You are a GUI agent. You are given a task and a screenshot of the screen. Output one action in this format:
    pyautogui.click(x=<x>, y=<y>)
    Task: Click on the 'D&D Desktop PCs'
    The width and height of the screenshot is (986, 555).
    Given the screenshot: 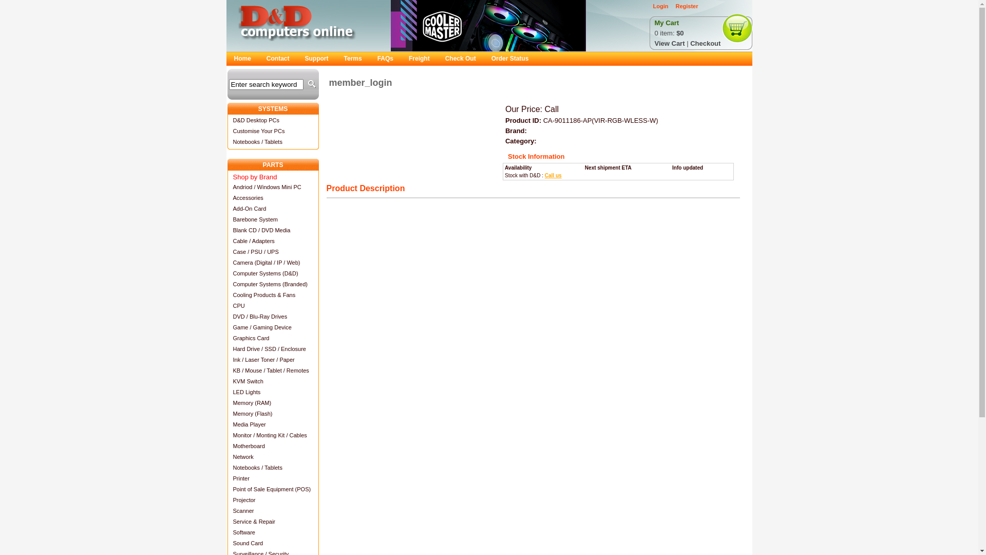 What is the action you would take?
    pyautogui.click(x=273, y=119)
    